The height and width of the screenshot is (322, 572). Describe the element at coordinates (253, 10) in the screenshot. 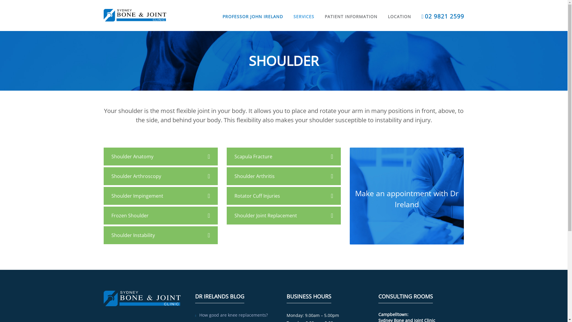

I see `'PROFESSOR JOHN IRELAND'` at that location.